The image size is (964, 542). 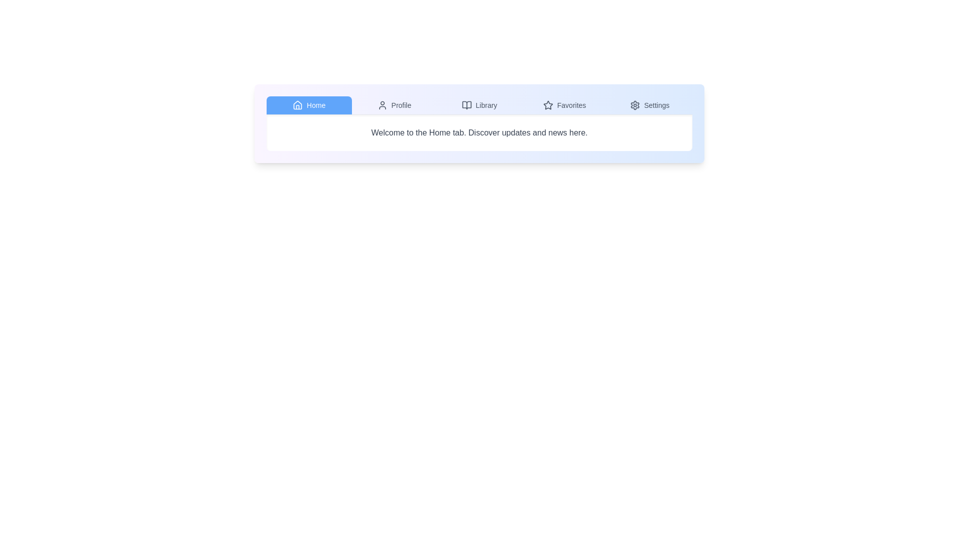 I want to click on the 'Settings' button, which features a cogwheel icon and is the last item in the navigation bar, so click(x=650, y=105).